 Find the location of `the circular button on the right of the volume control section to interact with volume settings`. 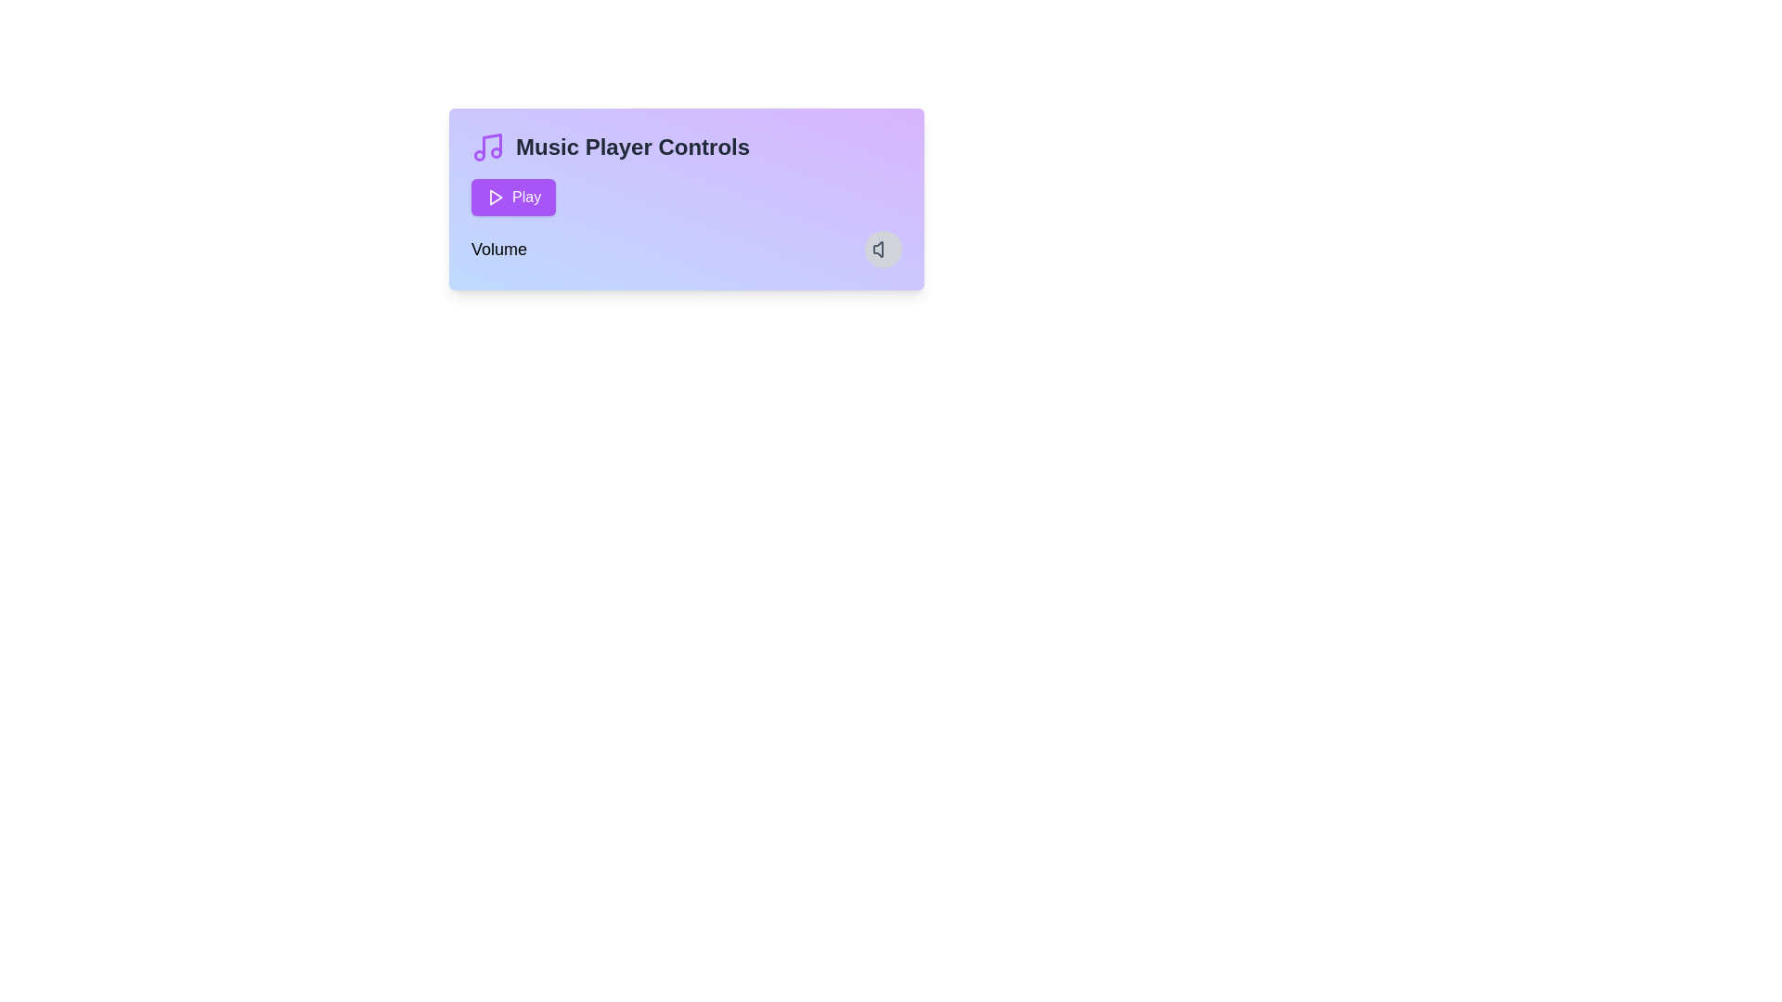

the circular button on the right of the volume control section to interact with volume settings is located at coordinates (685, 249).